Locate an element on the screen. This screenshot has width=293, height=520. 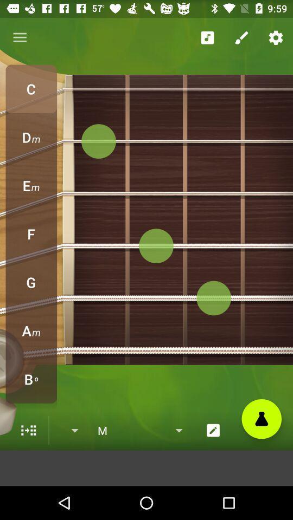
menu option is located at coordinates (28, 430).